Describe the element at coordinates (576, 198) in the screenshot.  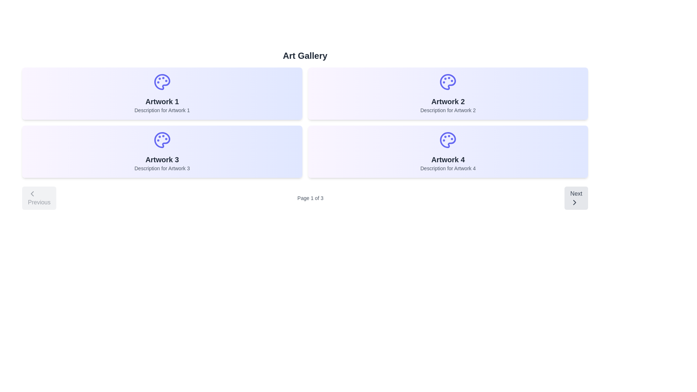
I see `the navigation button located at the bottom-right corner of the interface` at that location.